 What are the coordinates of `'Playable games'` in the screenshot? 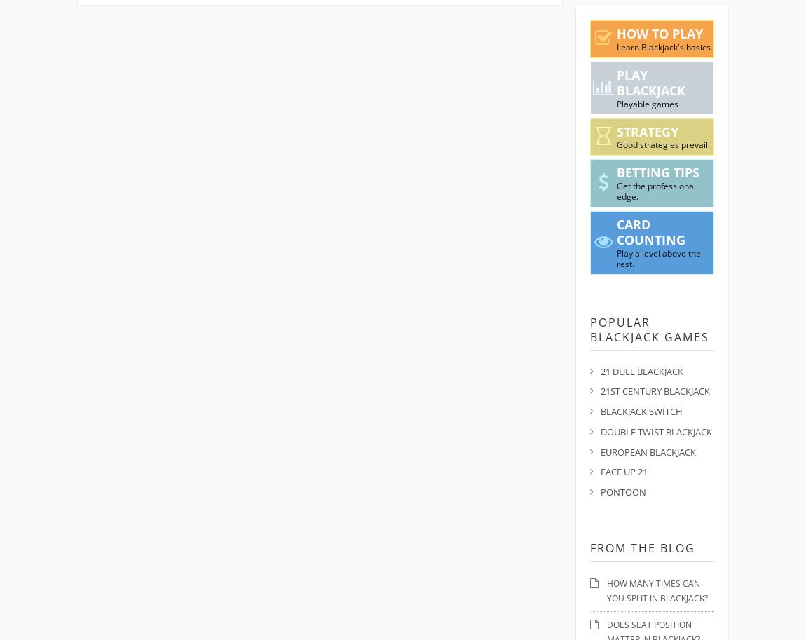 It's located at (646, 102).